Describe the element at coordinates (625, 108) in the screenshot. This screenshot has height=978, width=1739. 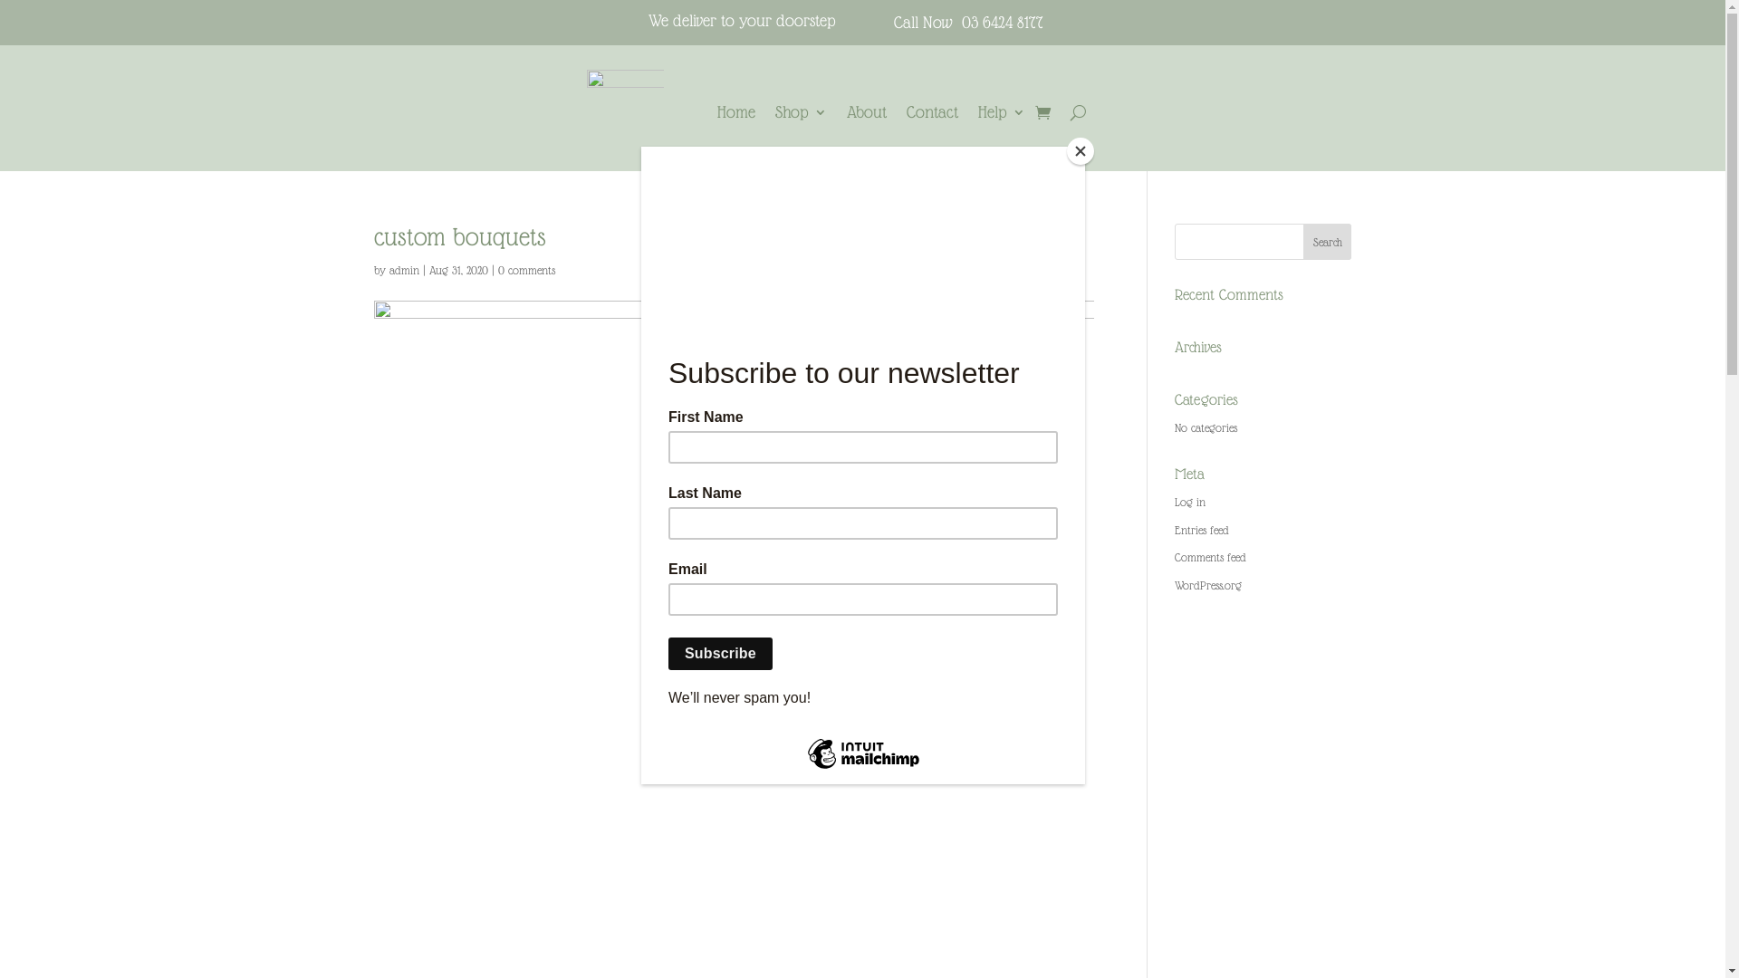
I see `'Circular Pattern w'` at that location.